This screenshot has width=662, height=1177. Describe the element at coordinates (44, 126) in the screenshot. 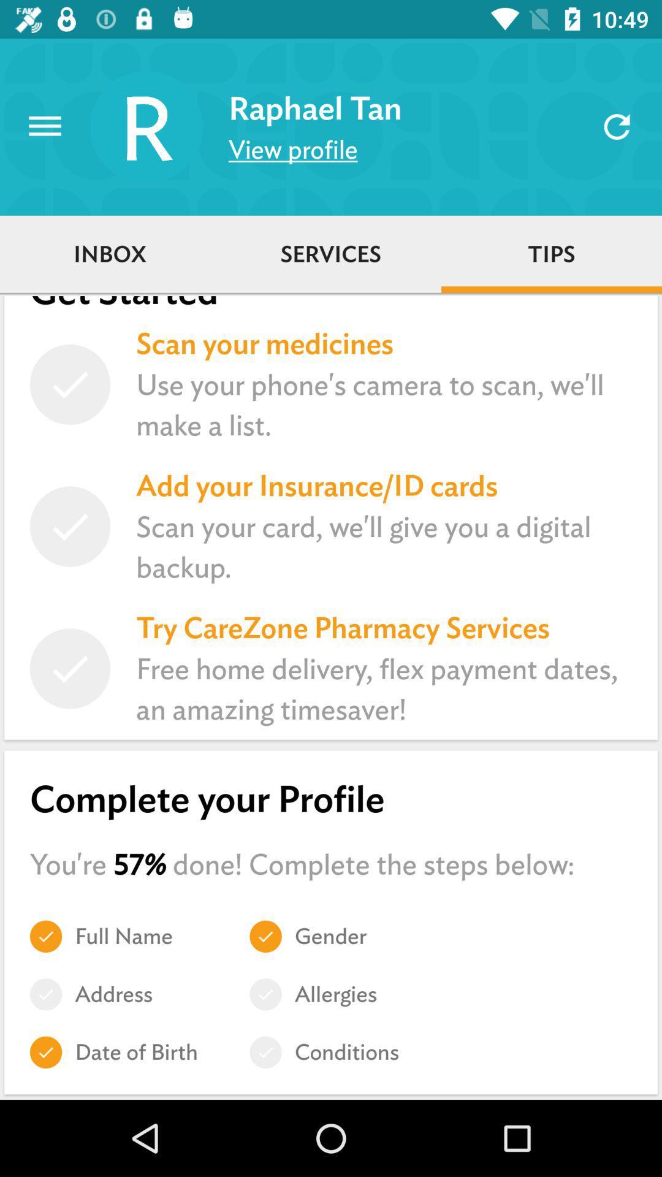

I see `the menu icon` at that location.